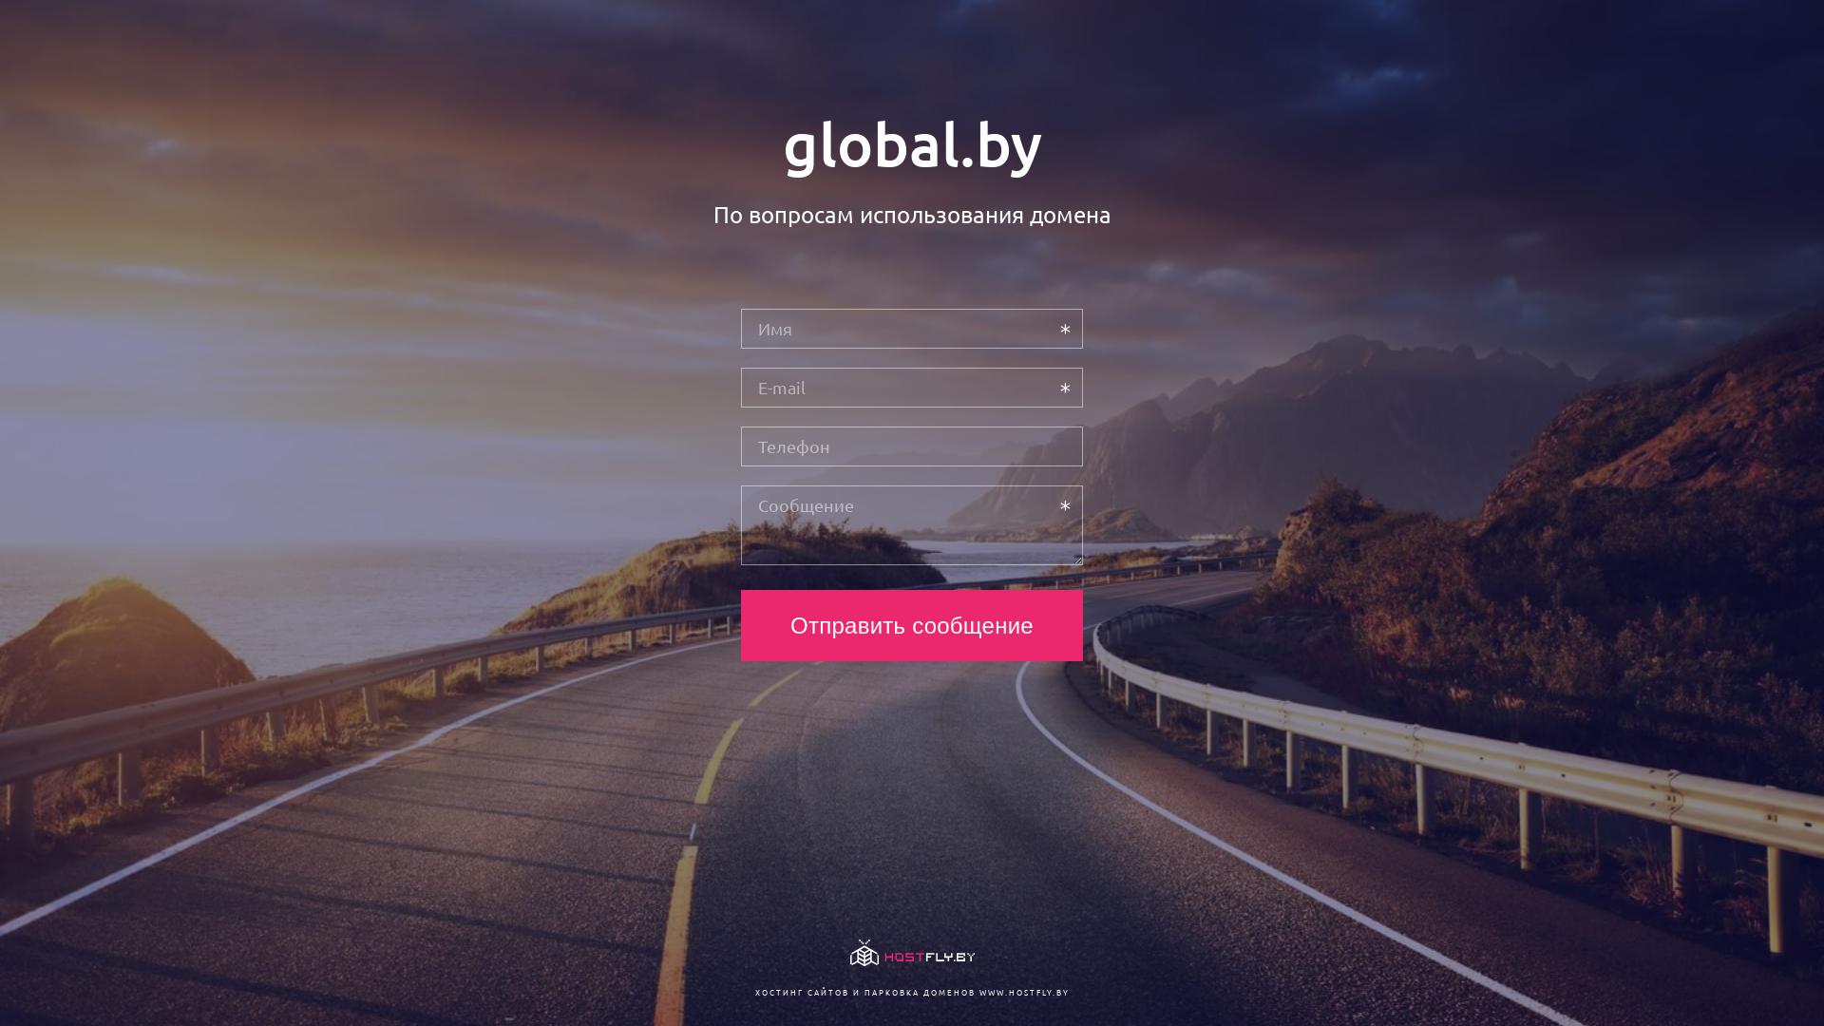 The image size is (1824, 1026). I want to click on 'WWW.HOSTFLY.BY', so click(1022, 991).